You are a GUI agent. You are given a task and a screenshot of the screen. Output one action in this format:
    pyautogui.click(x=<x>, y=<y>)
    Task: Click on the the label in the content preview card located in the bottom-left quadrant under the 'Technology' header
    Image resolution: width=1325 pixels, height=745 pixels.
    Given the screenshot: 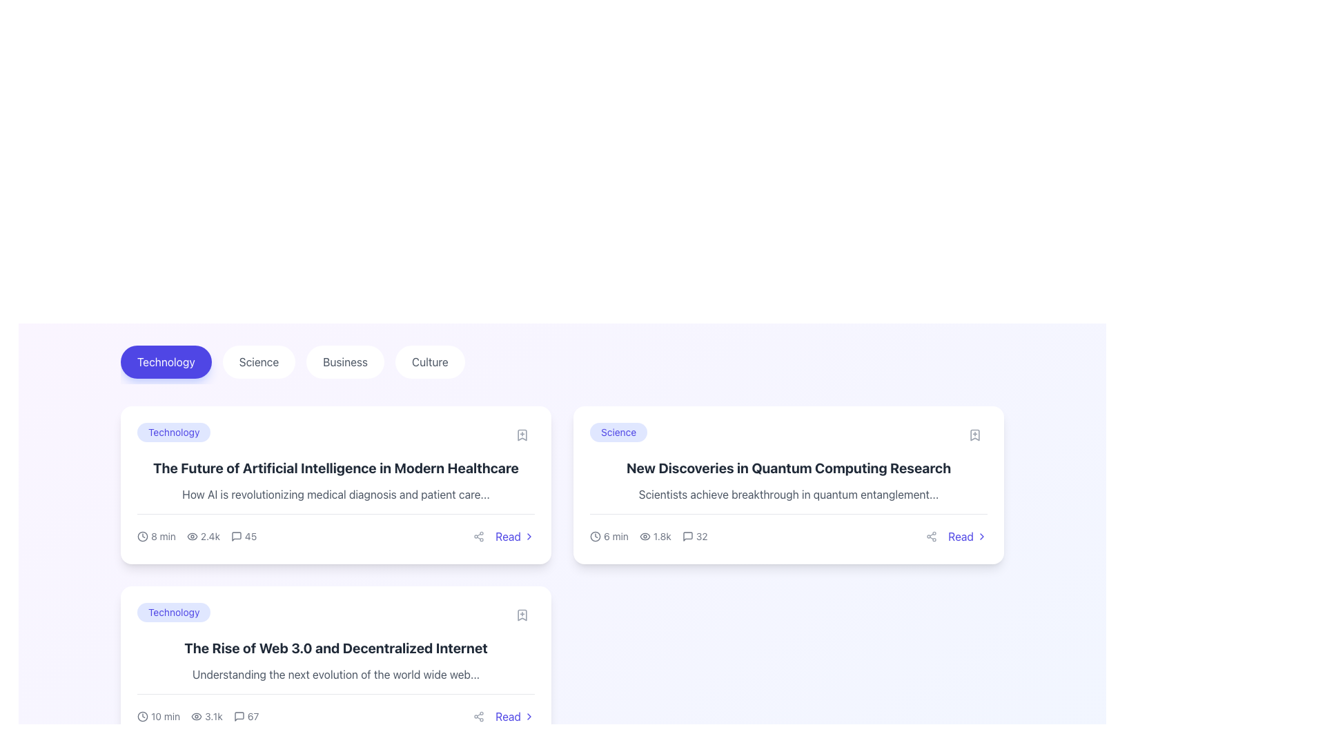 What is the action you would take?
    pyautogui.click(x=335, y=664)
    